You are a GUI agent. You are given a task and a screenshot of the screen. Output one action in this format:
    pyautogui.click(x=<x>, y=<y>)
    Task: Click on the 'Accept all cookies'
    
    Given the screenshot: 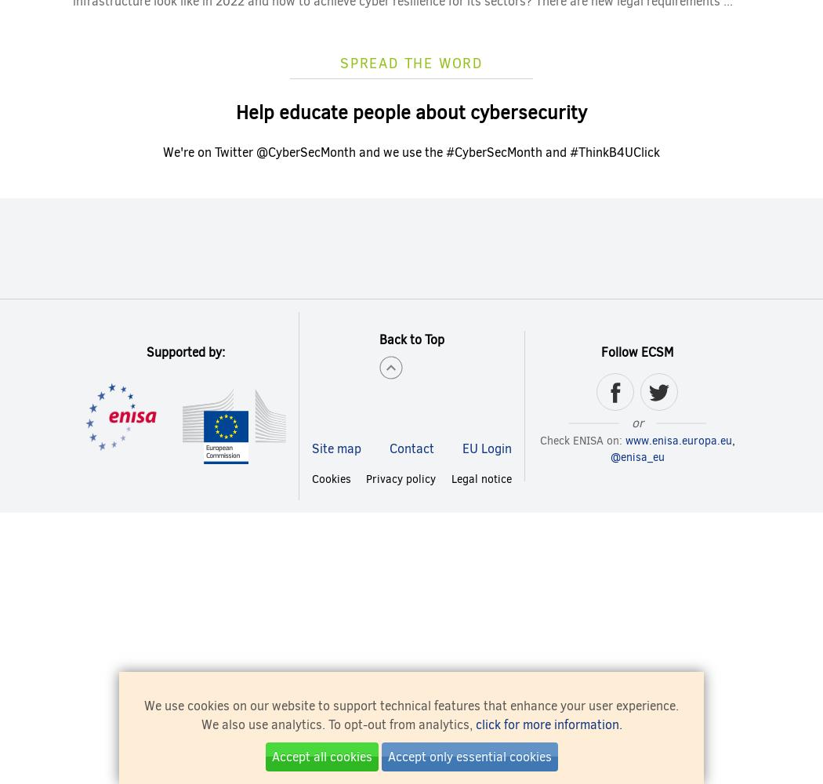 What is the action you would take?
    pyautogui.click(x=321, y=755)
    